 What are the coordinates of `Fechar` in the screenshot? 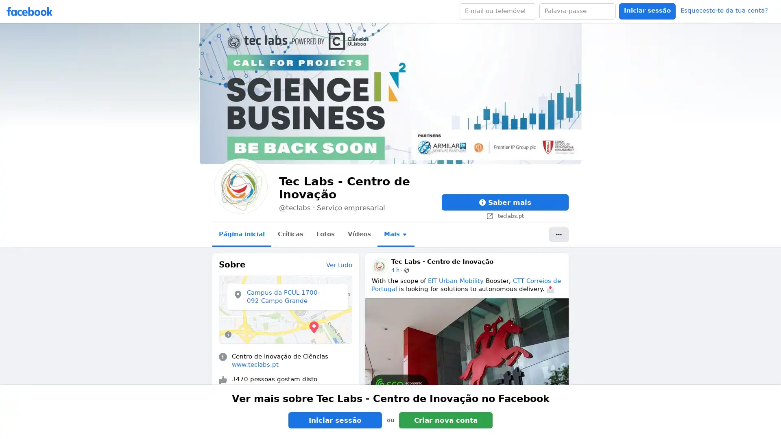 It's located at (488, 193).